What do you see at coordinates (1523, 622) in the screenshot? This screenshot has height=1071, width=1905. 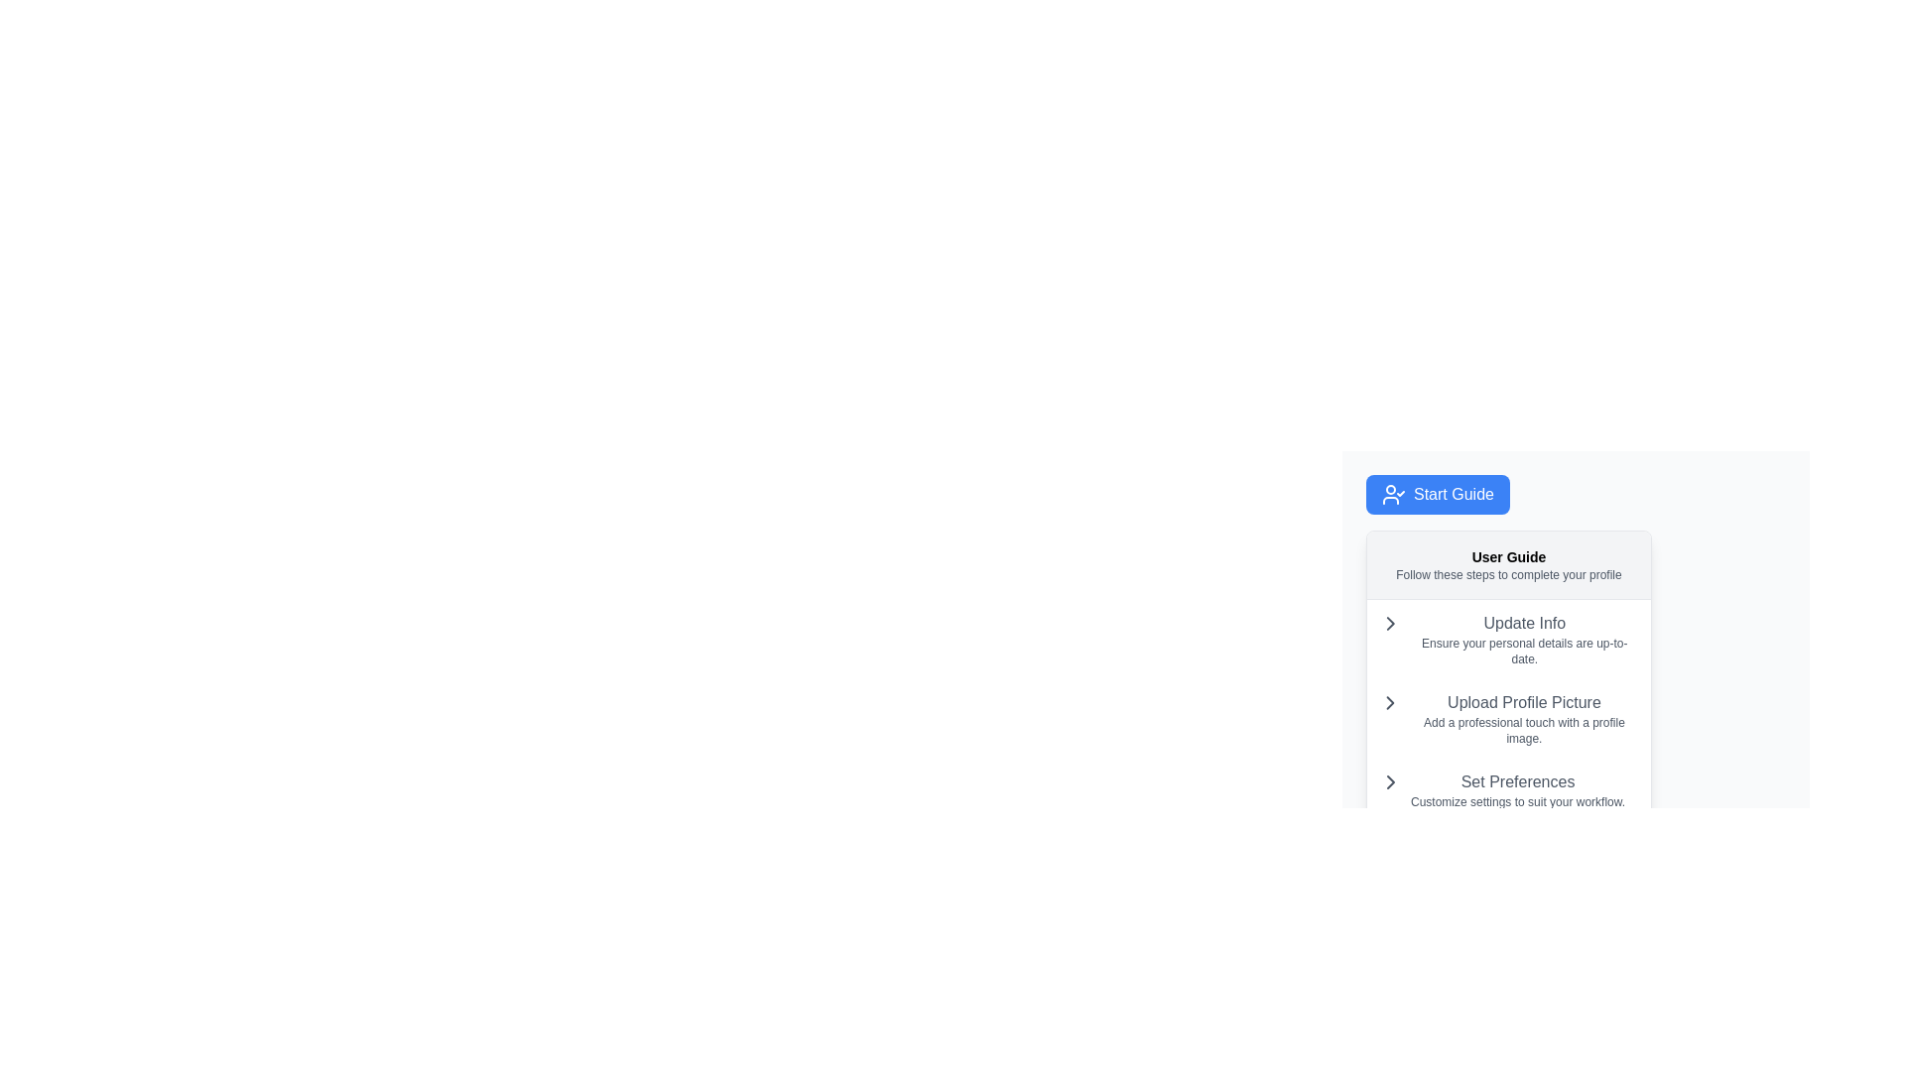 I see `the 'Update Info' text label, which is a bold title positioned fourth in a list-style section, immediately below 'Start Guide'` at bounding box center [1523, 622].